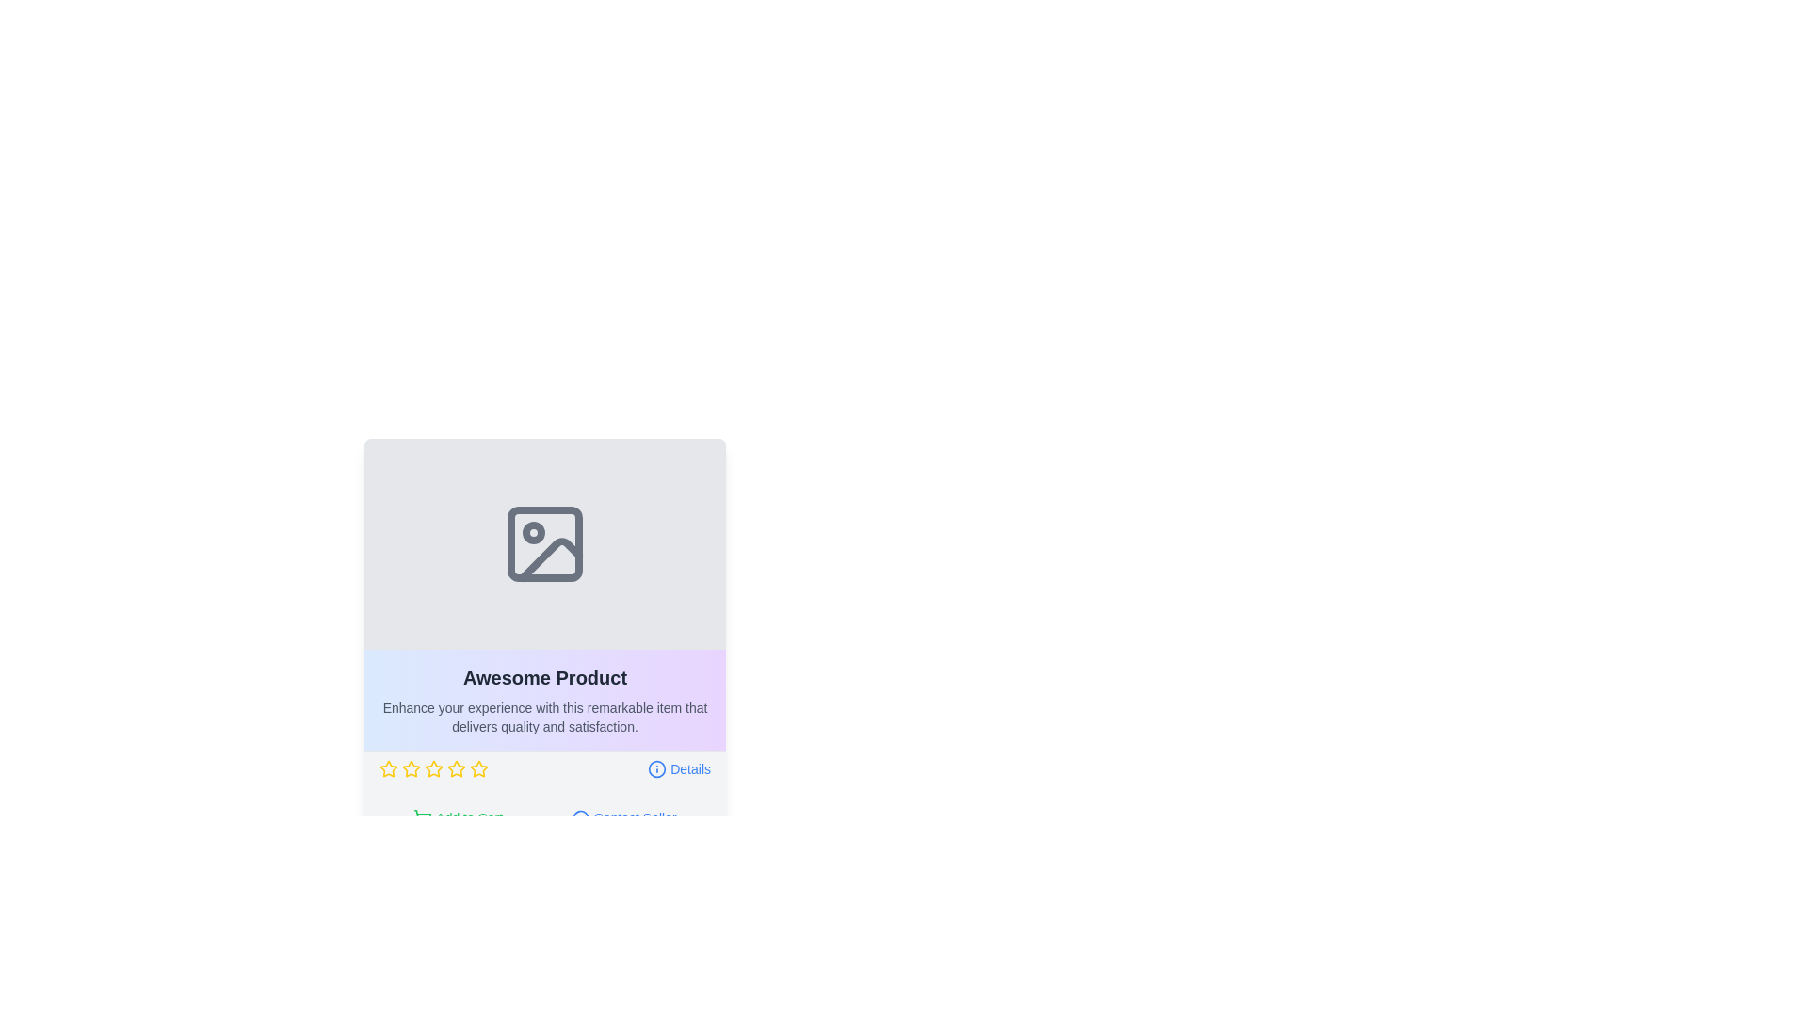 This screenshot has height=1017, width=1808. I want to click on the green shopping cart icon located to the left of the 'Add to Cart' button, so click(422, 816).